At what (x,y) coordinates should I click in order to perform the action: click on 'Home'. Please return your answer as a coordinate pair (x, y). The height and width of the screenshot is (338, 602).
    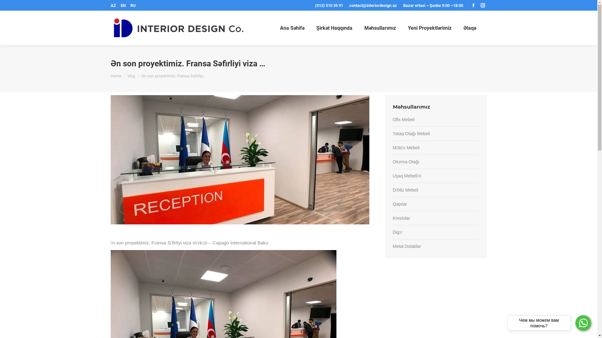
    Looking at the image, I should click on (116, 75).